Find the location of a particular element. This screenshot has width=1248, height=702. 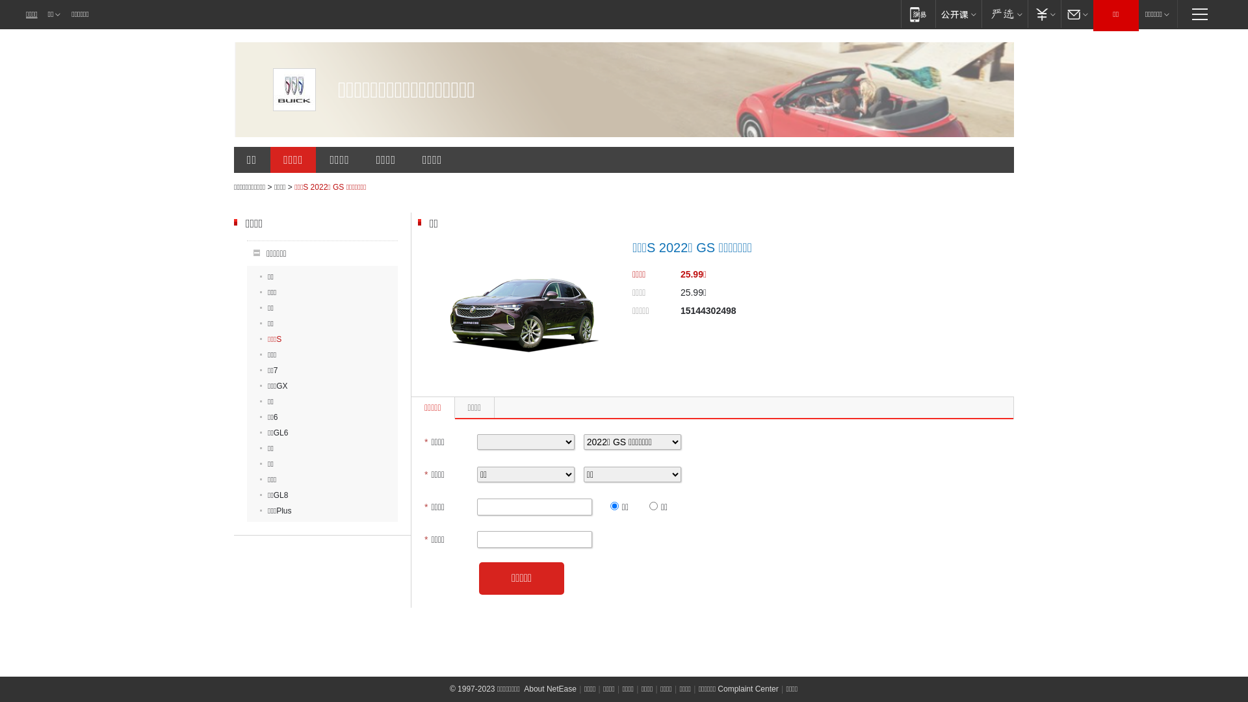

'About NetEase' is located at coordinates (523, 688).